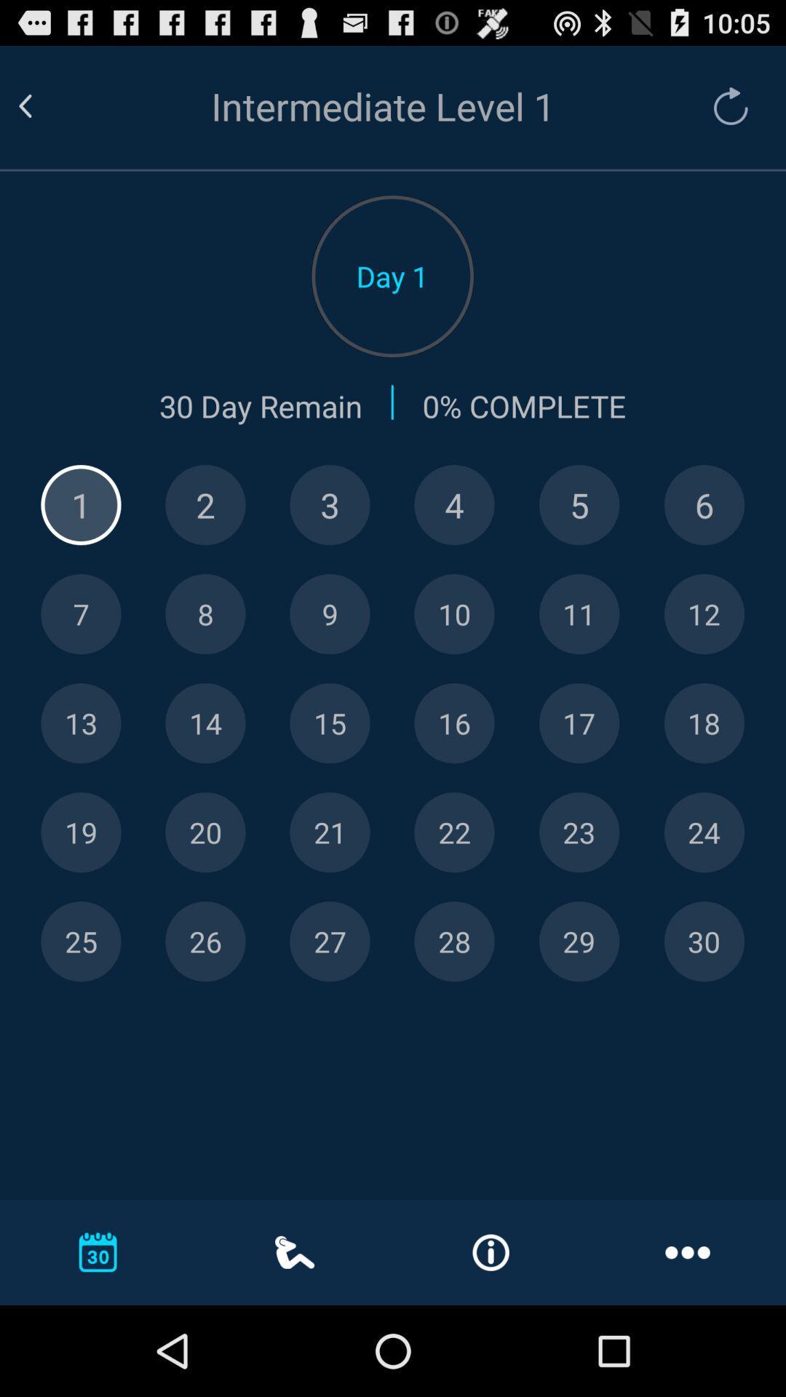 The image size is (786, 1397). Describe the element at coordinates (723, 106) in the screenshot. I see `resart the current level of the day` at that location.